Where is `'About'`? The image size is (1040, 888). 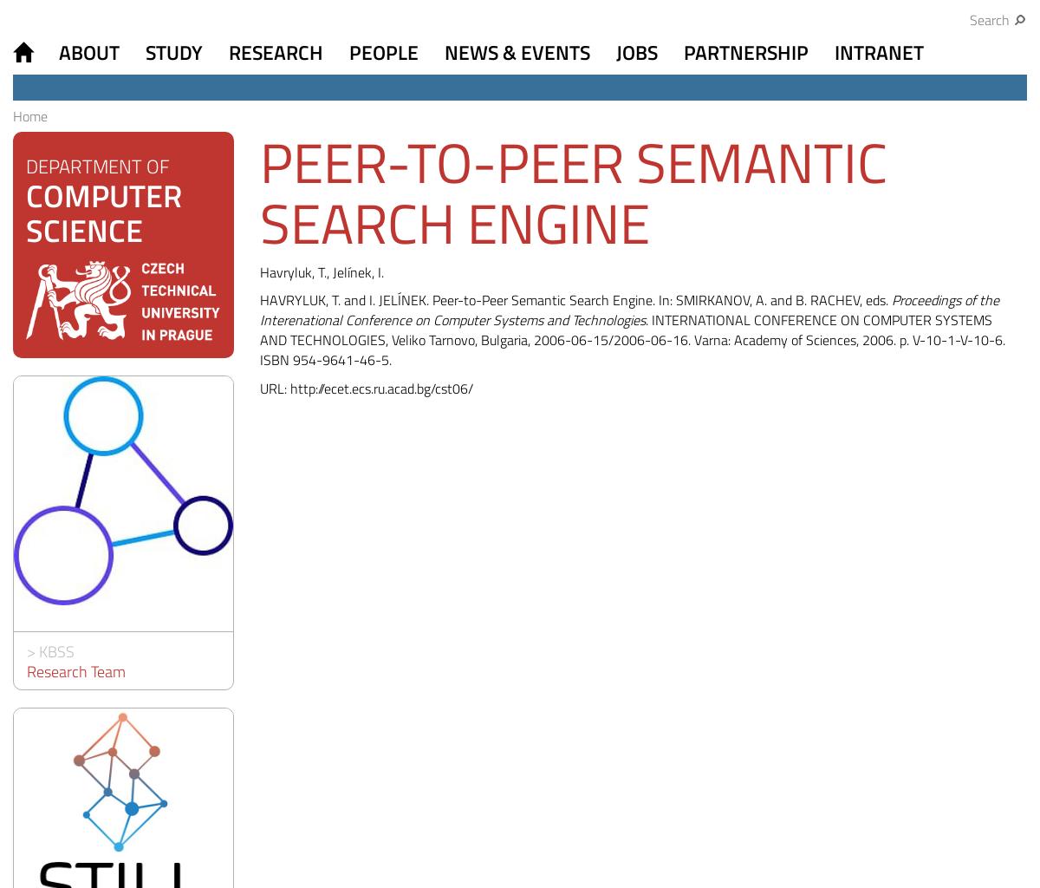 'About' is located at coordinates (88, 51).